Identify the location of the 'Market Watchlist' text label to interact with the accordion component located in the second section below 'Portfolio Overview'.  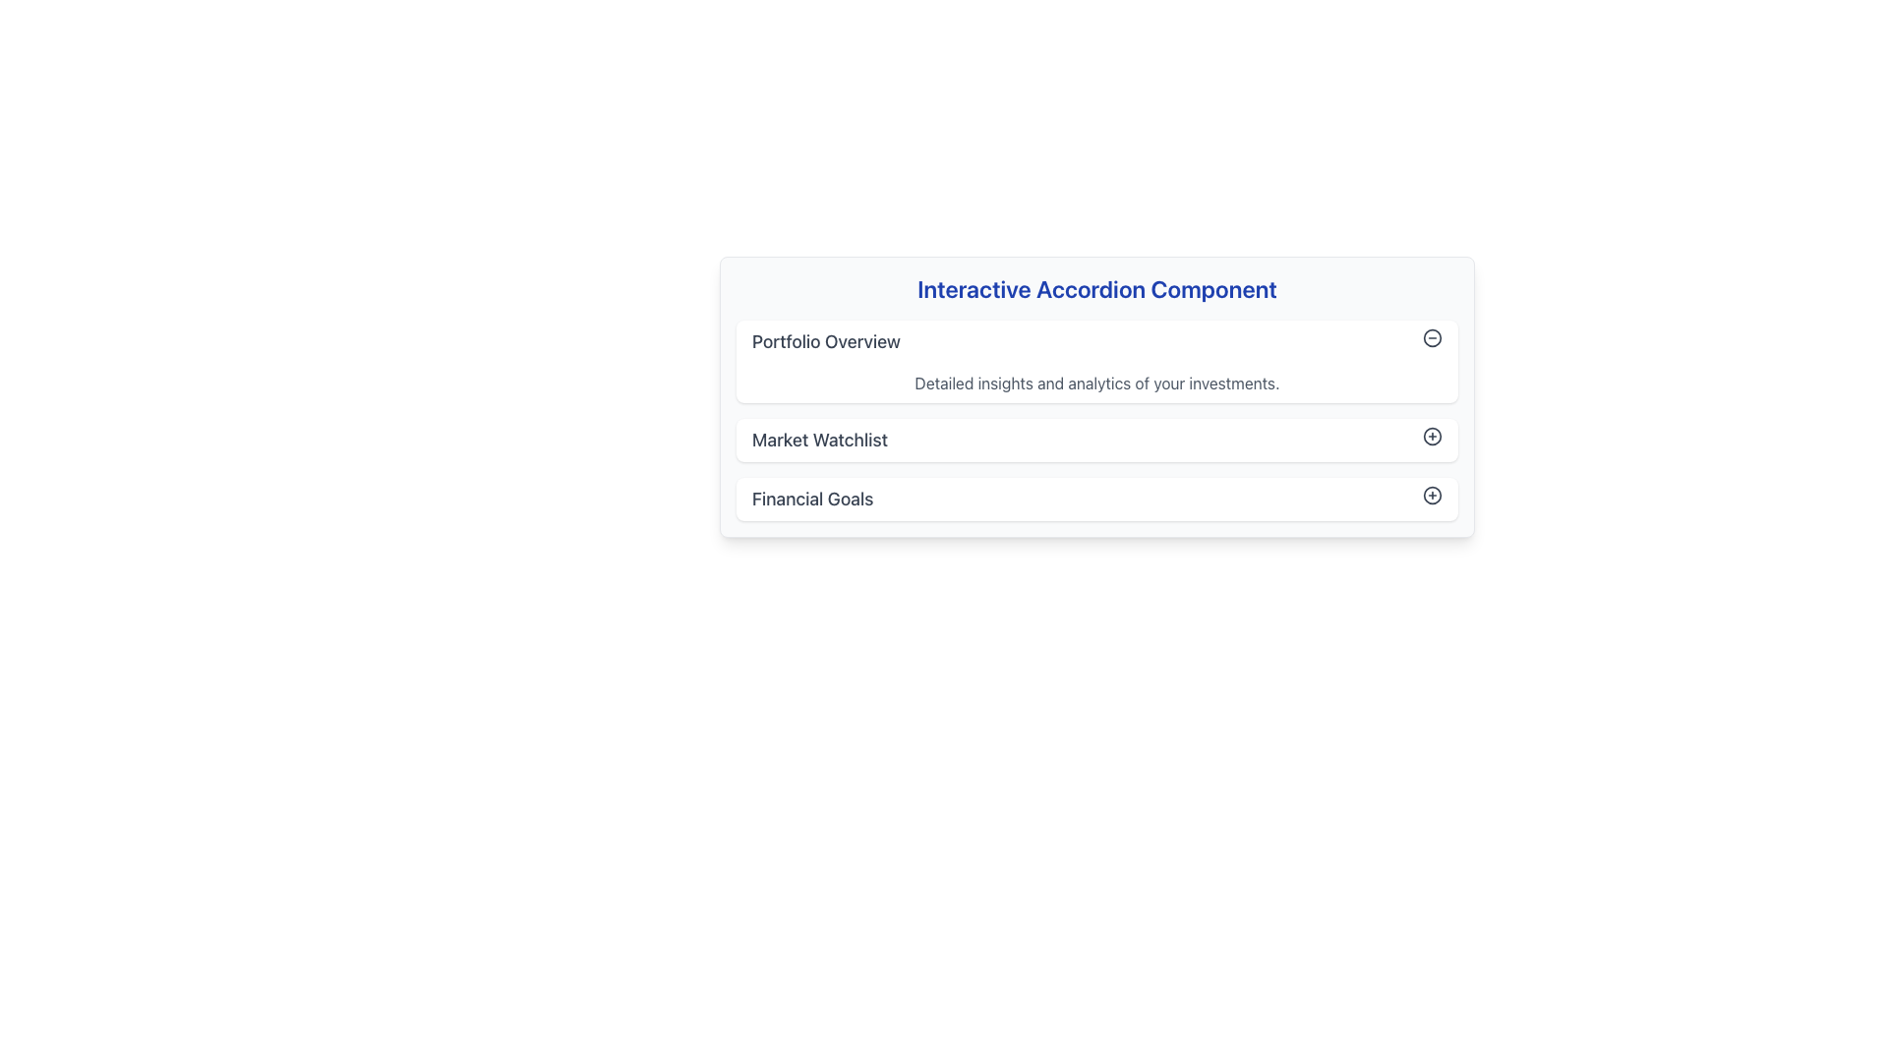
(820, 439).